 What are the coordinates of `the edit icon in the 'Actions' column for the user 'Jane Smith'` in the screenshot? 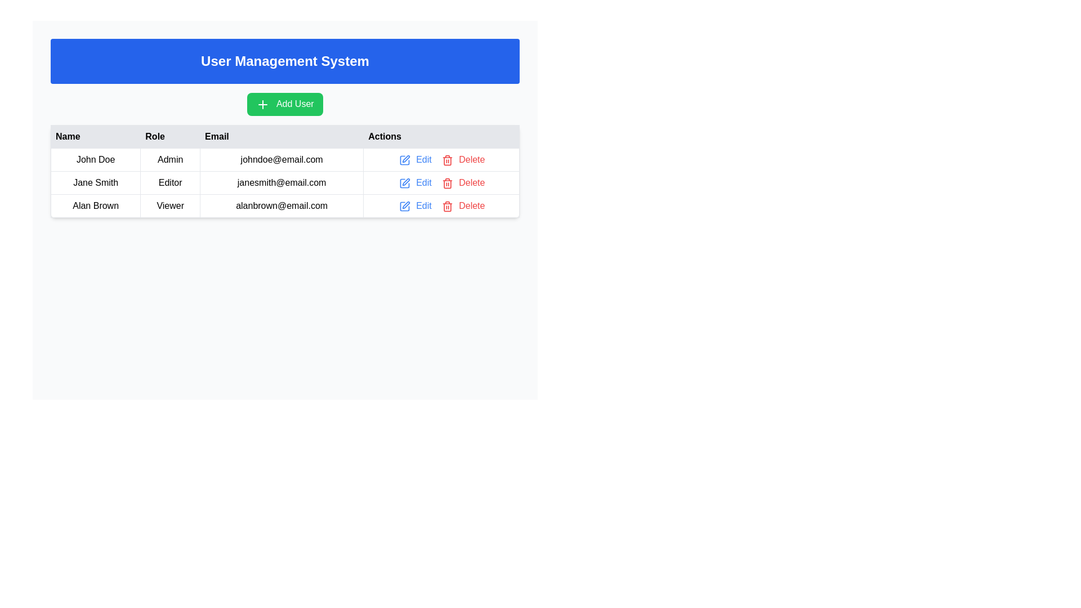 It's located at (404, 182).